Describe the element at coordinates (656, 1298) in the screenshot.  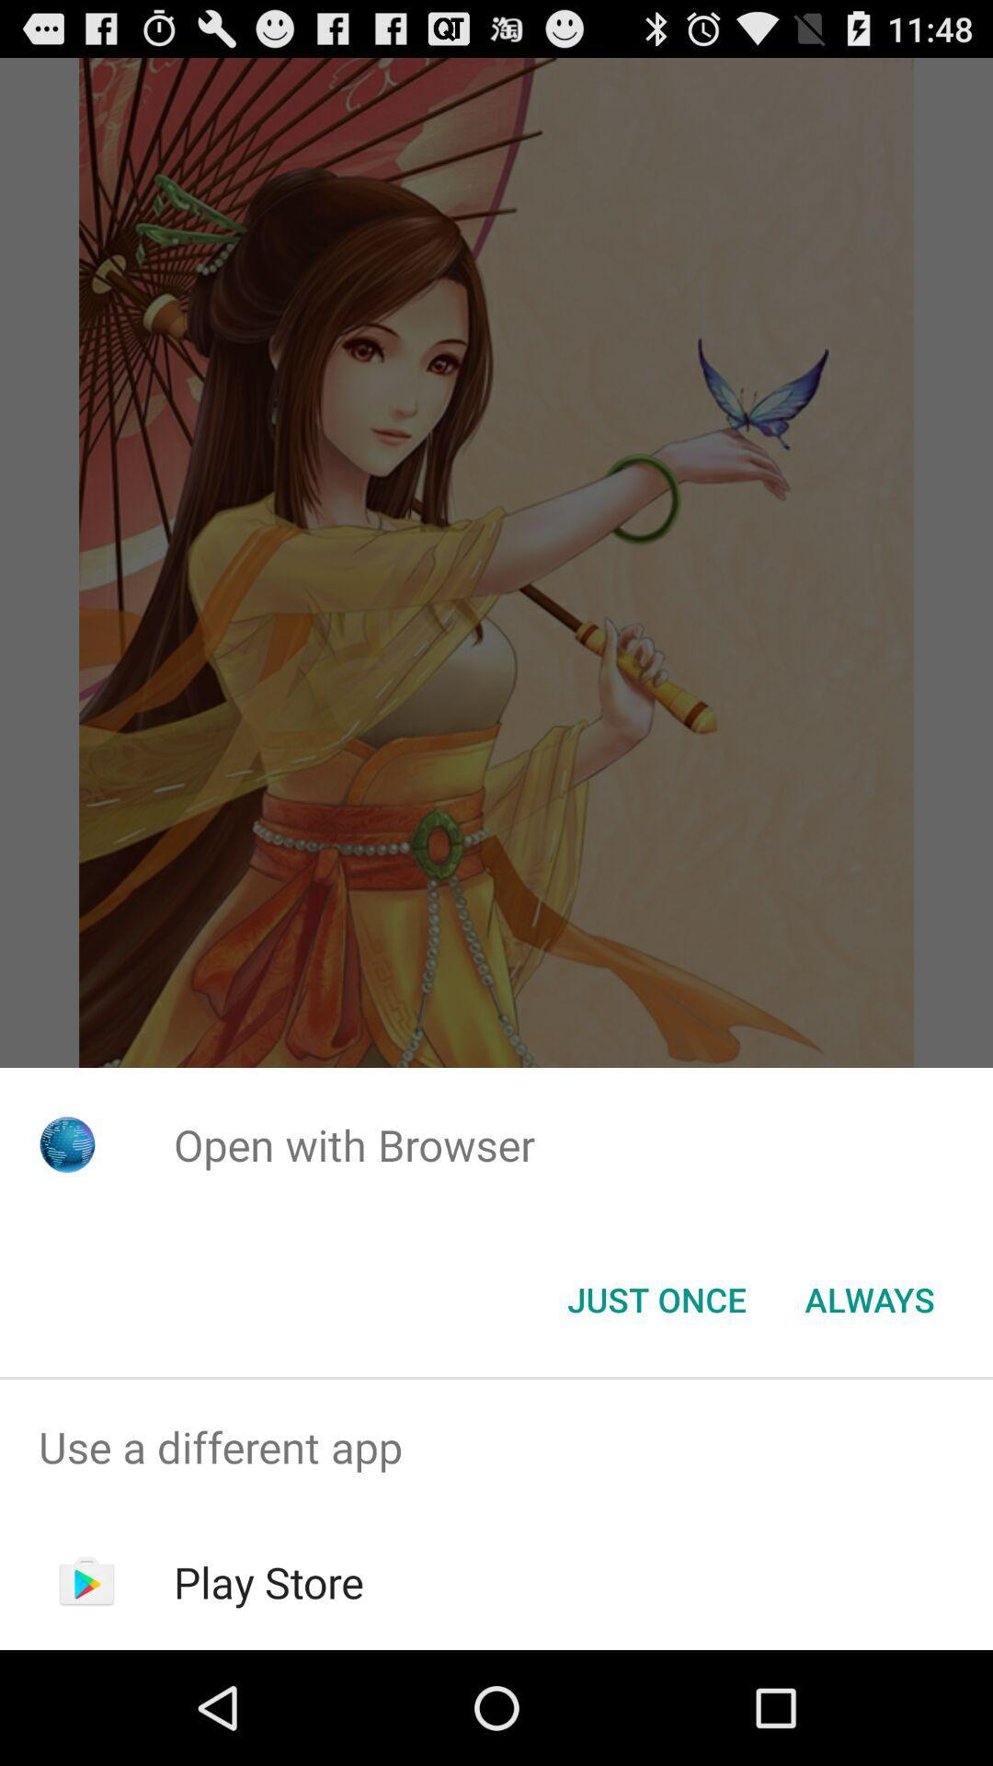
I see `icon below the open with browser` at that location.